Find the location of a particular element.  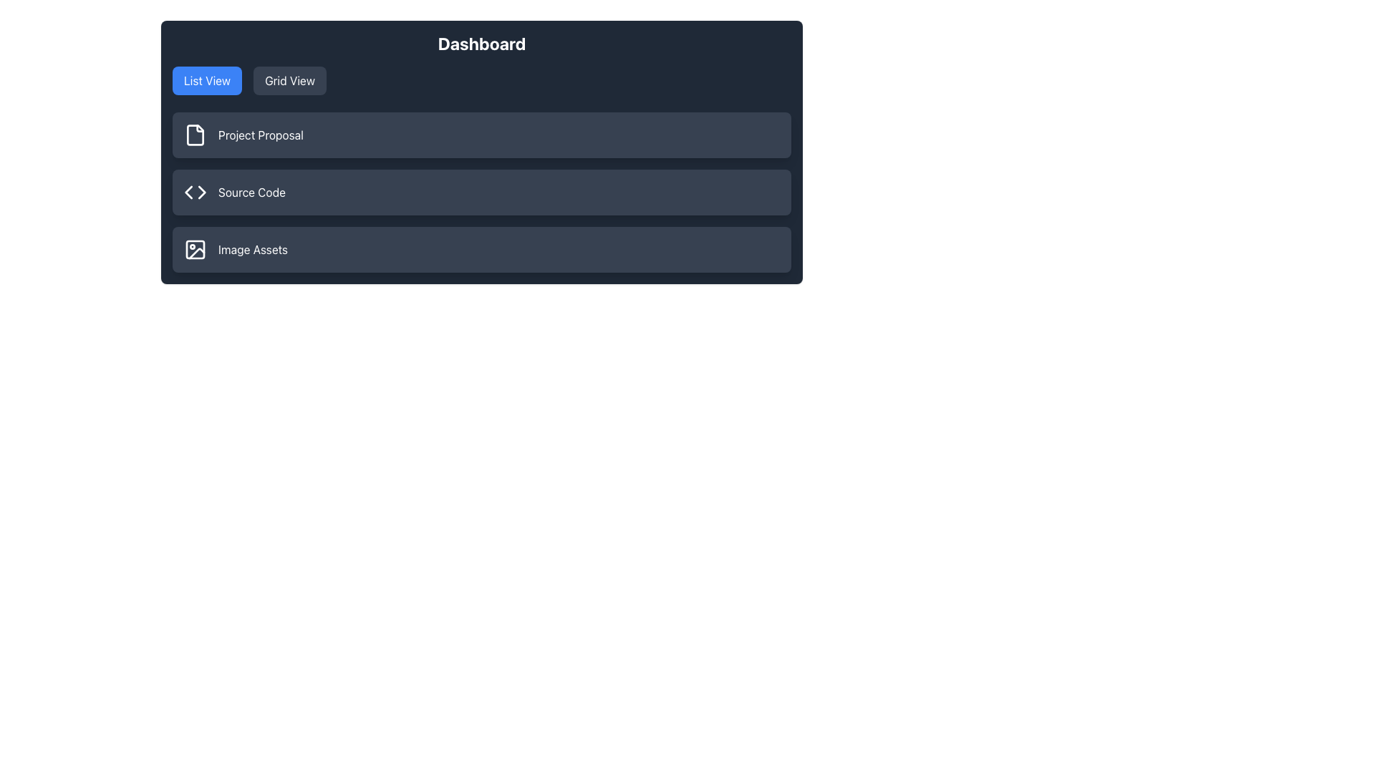

the label indicating image assets located at the bottom of the visible list, positioned to the right of a graphical icon is located at coordinates (253, 248).